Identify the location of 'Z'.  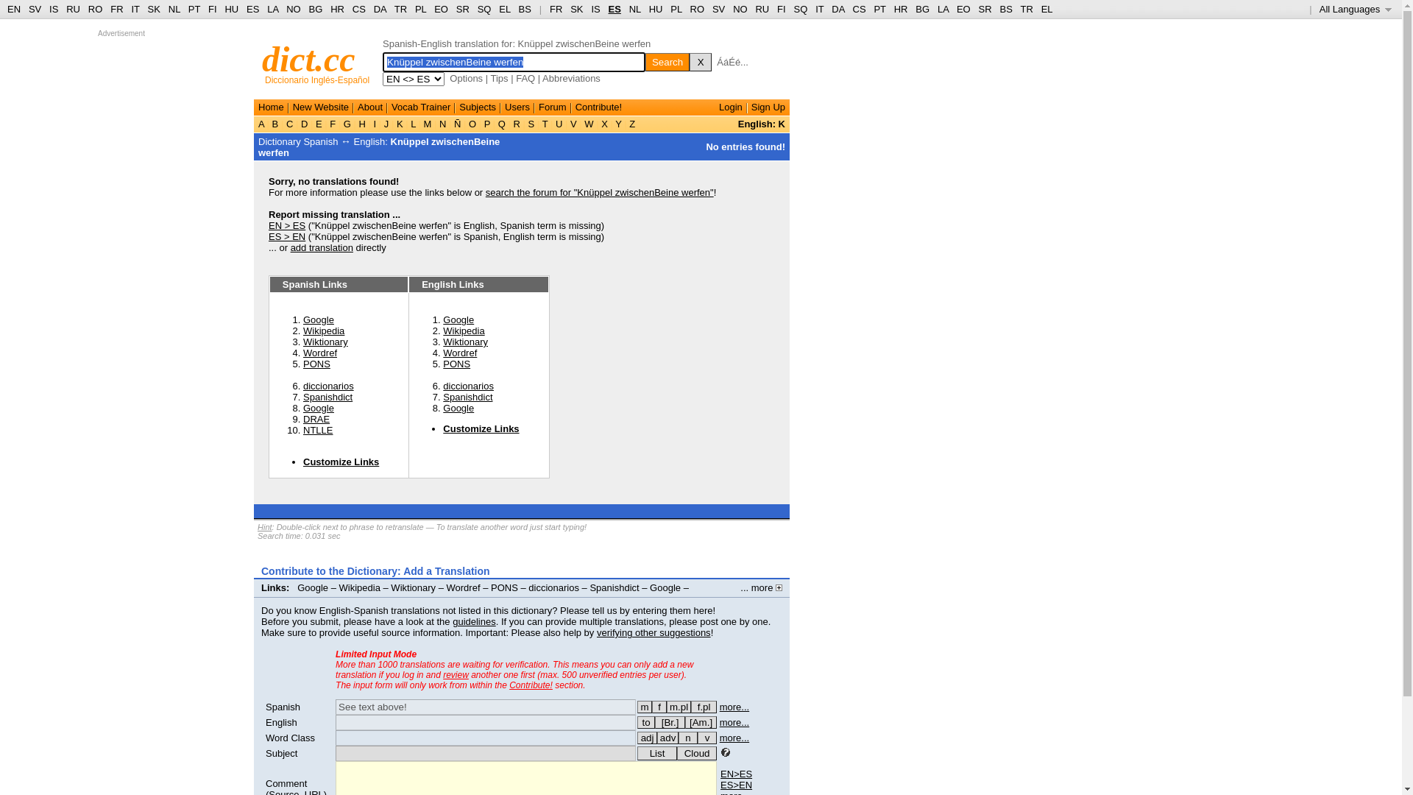
(632, 123).